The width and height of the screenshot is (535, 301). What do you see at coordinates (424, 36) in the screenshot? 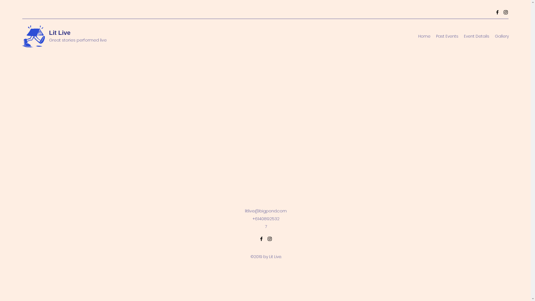
I see `'Home'` at bounding box center [424, 36].